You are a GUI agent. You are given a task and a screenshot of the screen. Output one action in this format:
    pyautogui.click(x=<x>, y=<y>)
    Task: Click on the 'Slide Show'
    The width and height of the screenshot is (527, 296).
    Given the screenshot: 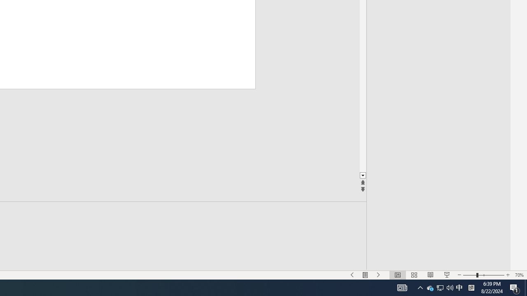 What is the action you would take?
    pyautogui.click(x=447, y=275)
    